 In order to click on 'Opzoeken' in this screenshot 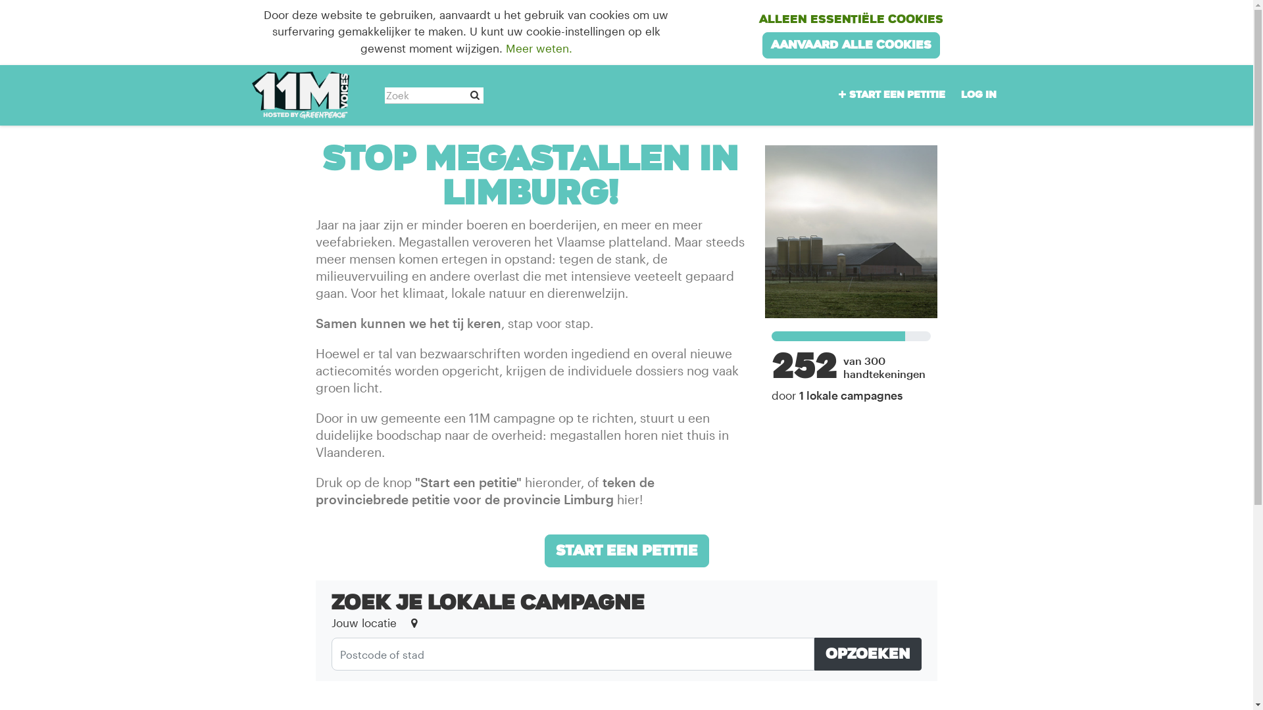, I will do `click(814, 654)`.